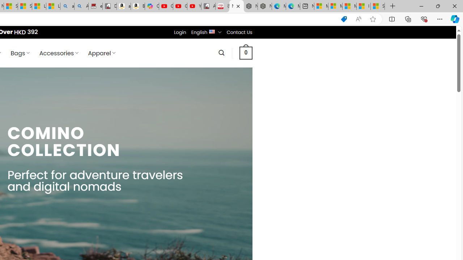 Image resolution: width=463 pixels, height=260 pixels. Describe the element at coordinates (239, 32) in the screenshot. I see `'Contact Us'` at that location.